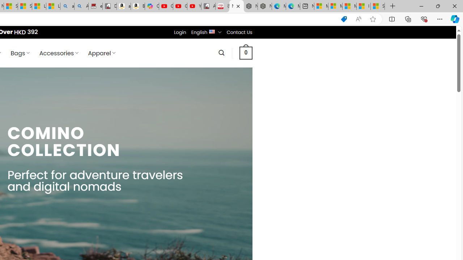 Image resolution: width=463 pixels, height=260 pixels. Describe the element at coordinates (239, 32) in the screenshot. I see `'Contact Us'` at that location.